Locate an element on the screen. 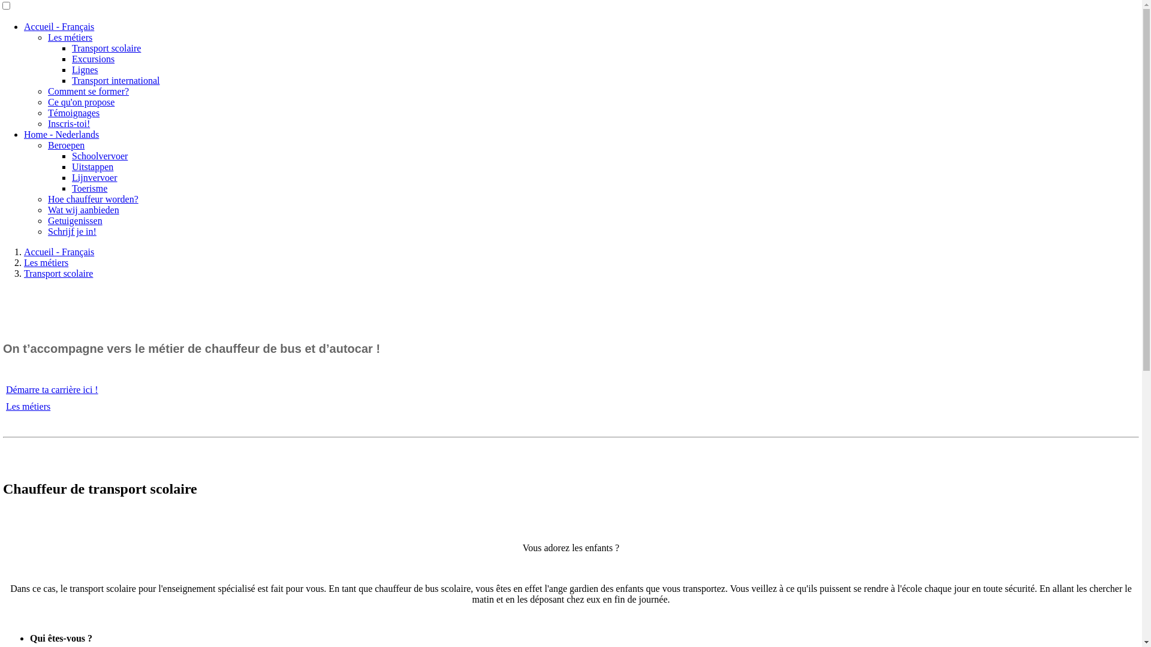  'Toerisme' is located at coordinates (89, 188).